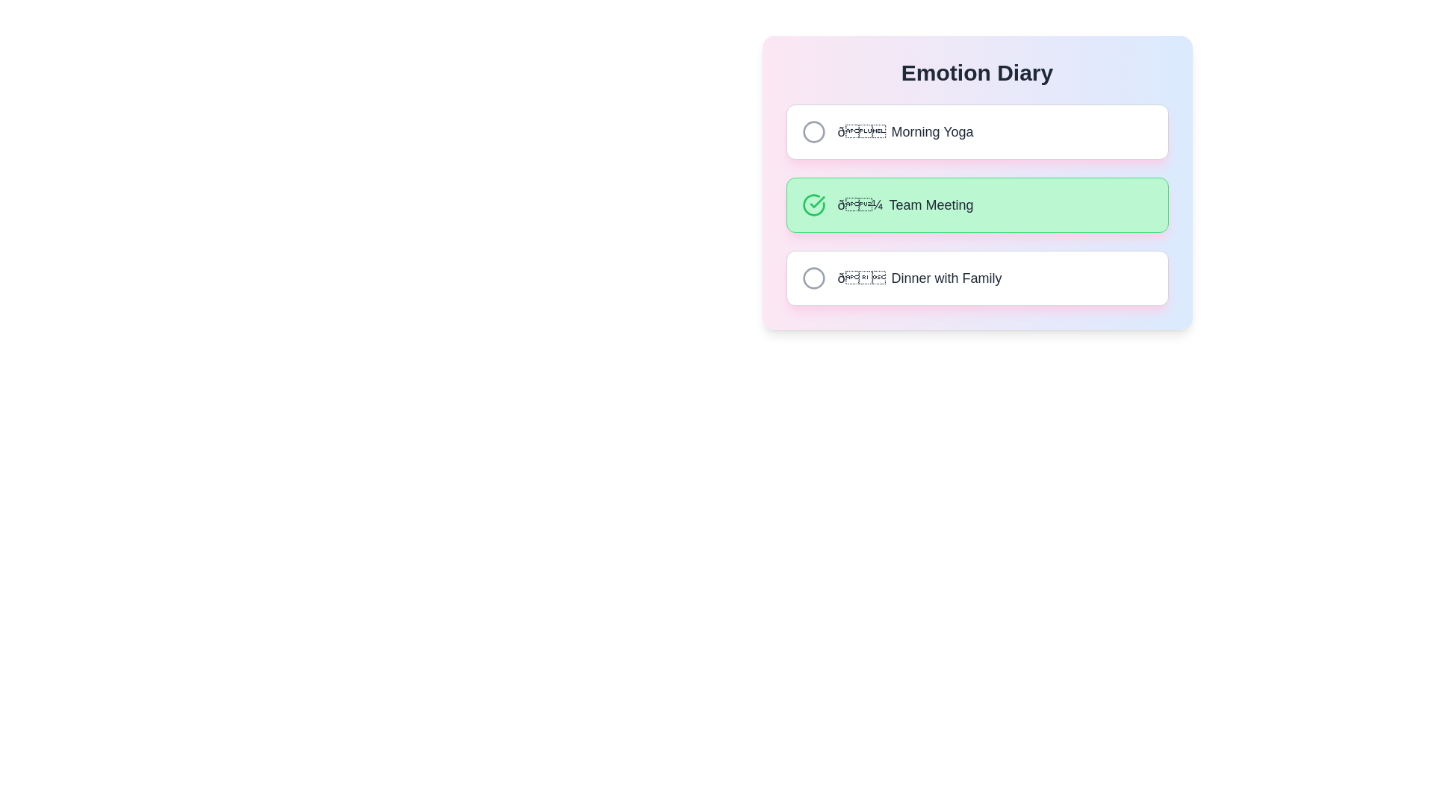  Describe the element at coordinates (977, 204) in the screenshot. I see `the description and image of the diary entry 2` at that location.